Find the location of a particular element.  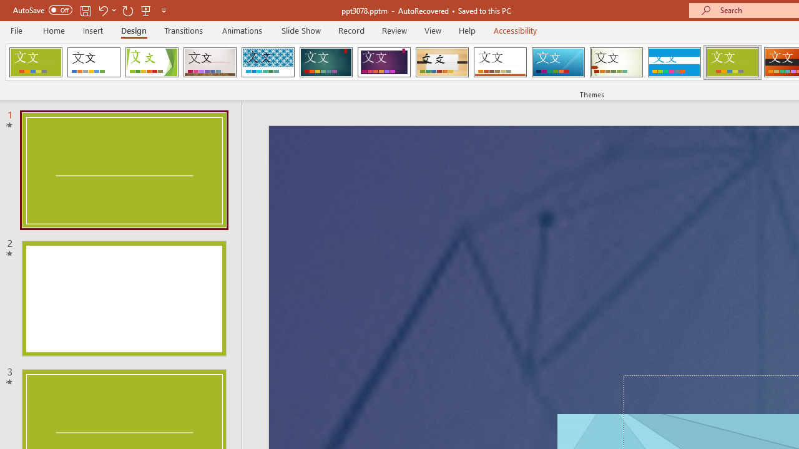

'Office Theme' is located at coordinates (93, 62).